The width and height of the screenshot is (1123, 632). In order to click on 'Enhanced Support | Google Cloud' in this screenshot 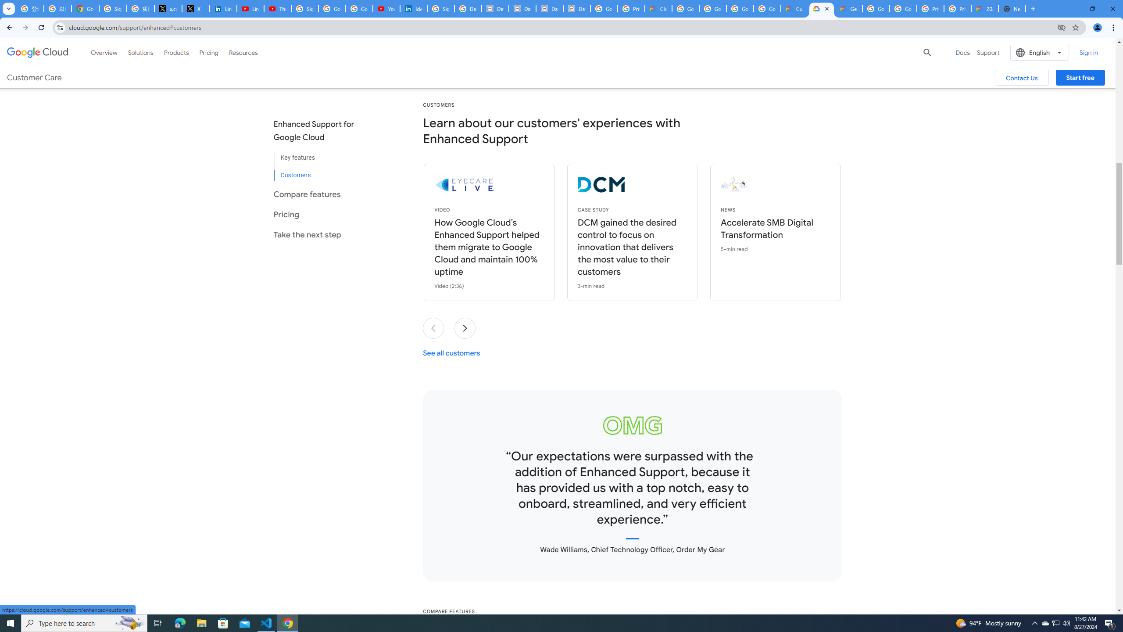, I will do `click(821, 8)`.